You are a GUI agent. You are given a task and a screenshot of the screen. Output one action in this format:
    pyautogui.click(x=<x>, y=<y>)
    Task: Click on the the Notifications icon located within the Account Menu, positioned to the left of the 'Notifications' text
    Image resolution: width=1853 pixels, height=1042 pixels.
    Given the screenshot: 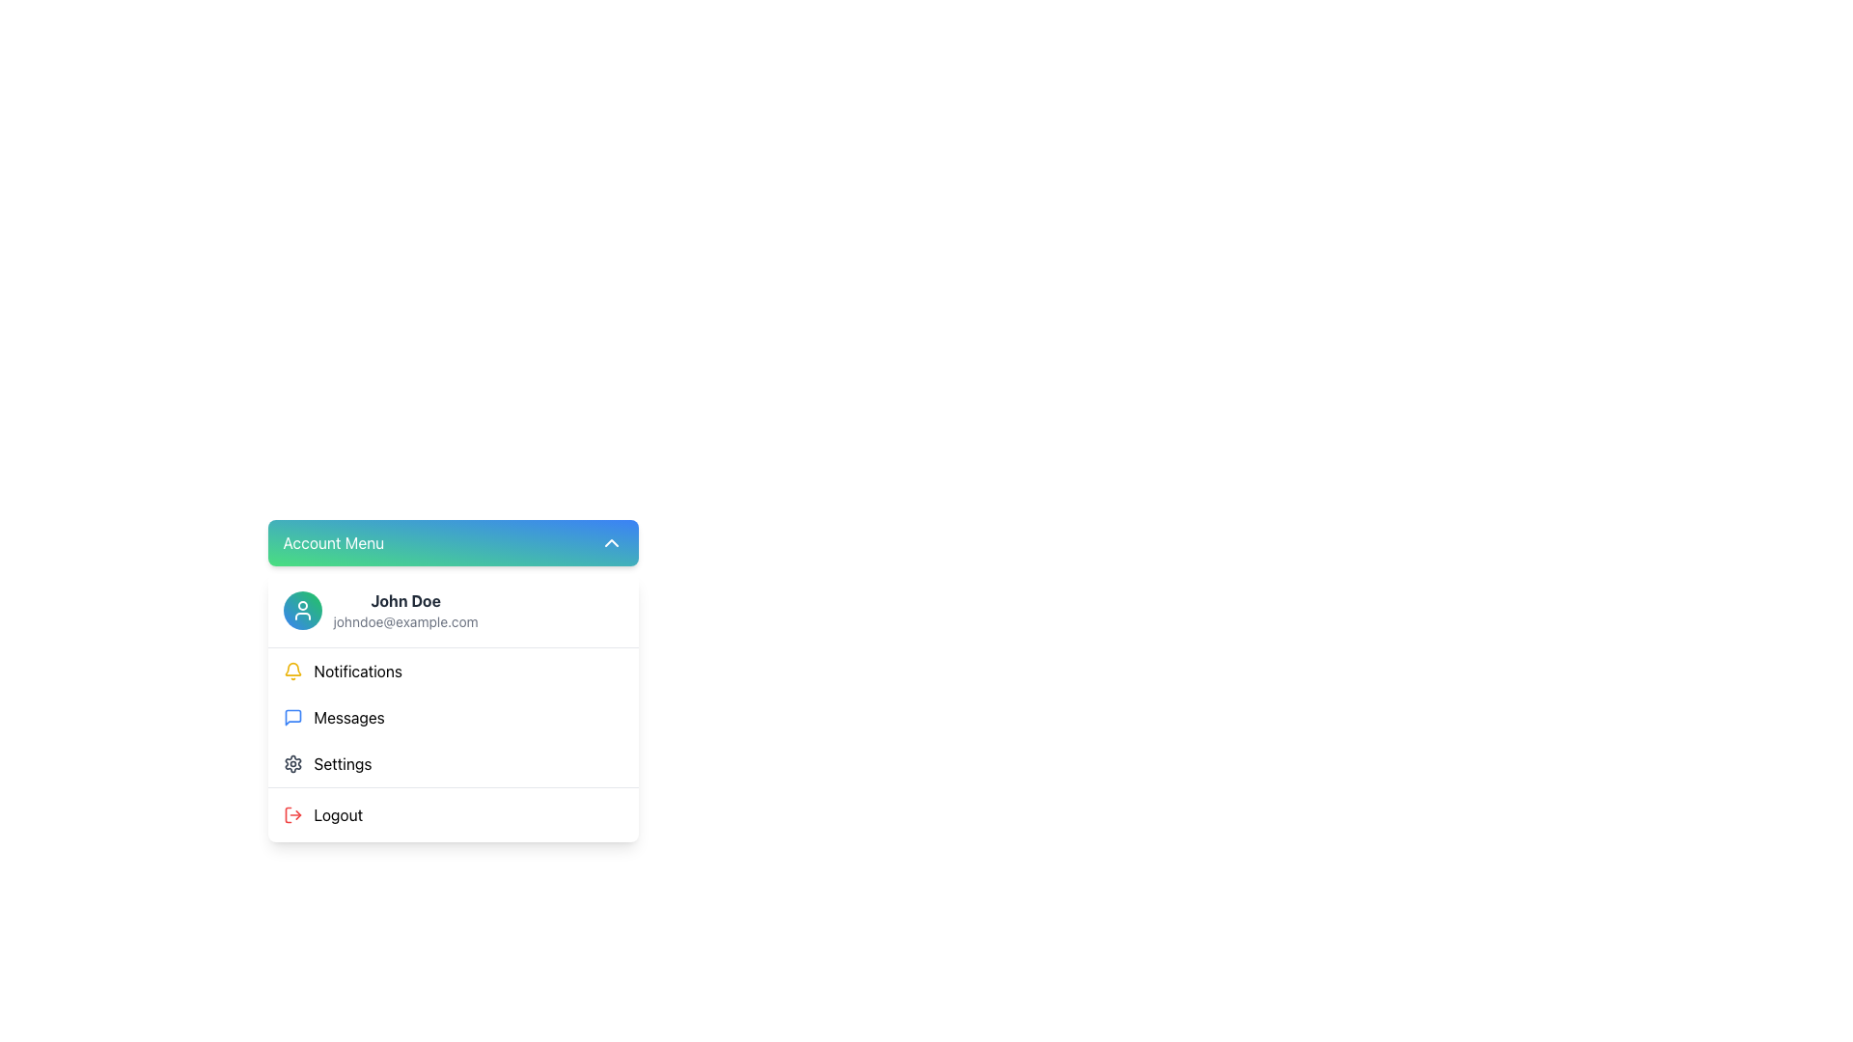 What is the action you would take?
    pyautogui.click(x=291, y=670)
    